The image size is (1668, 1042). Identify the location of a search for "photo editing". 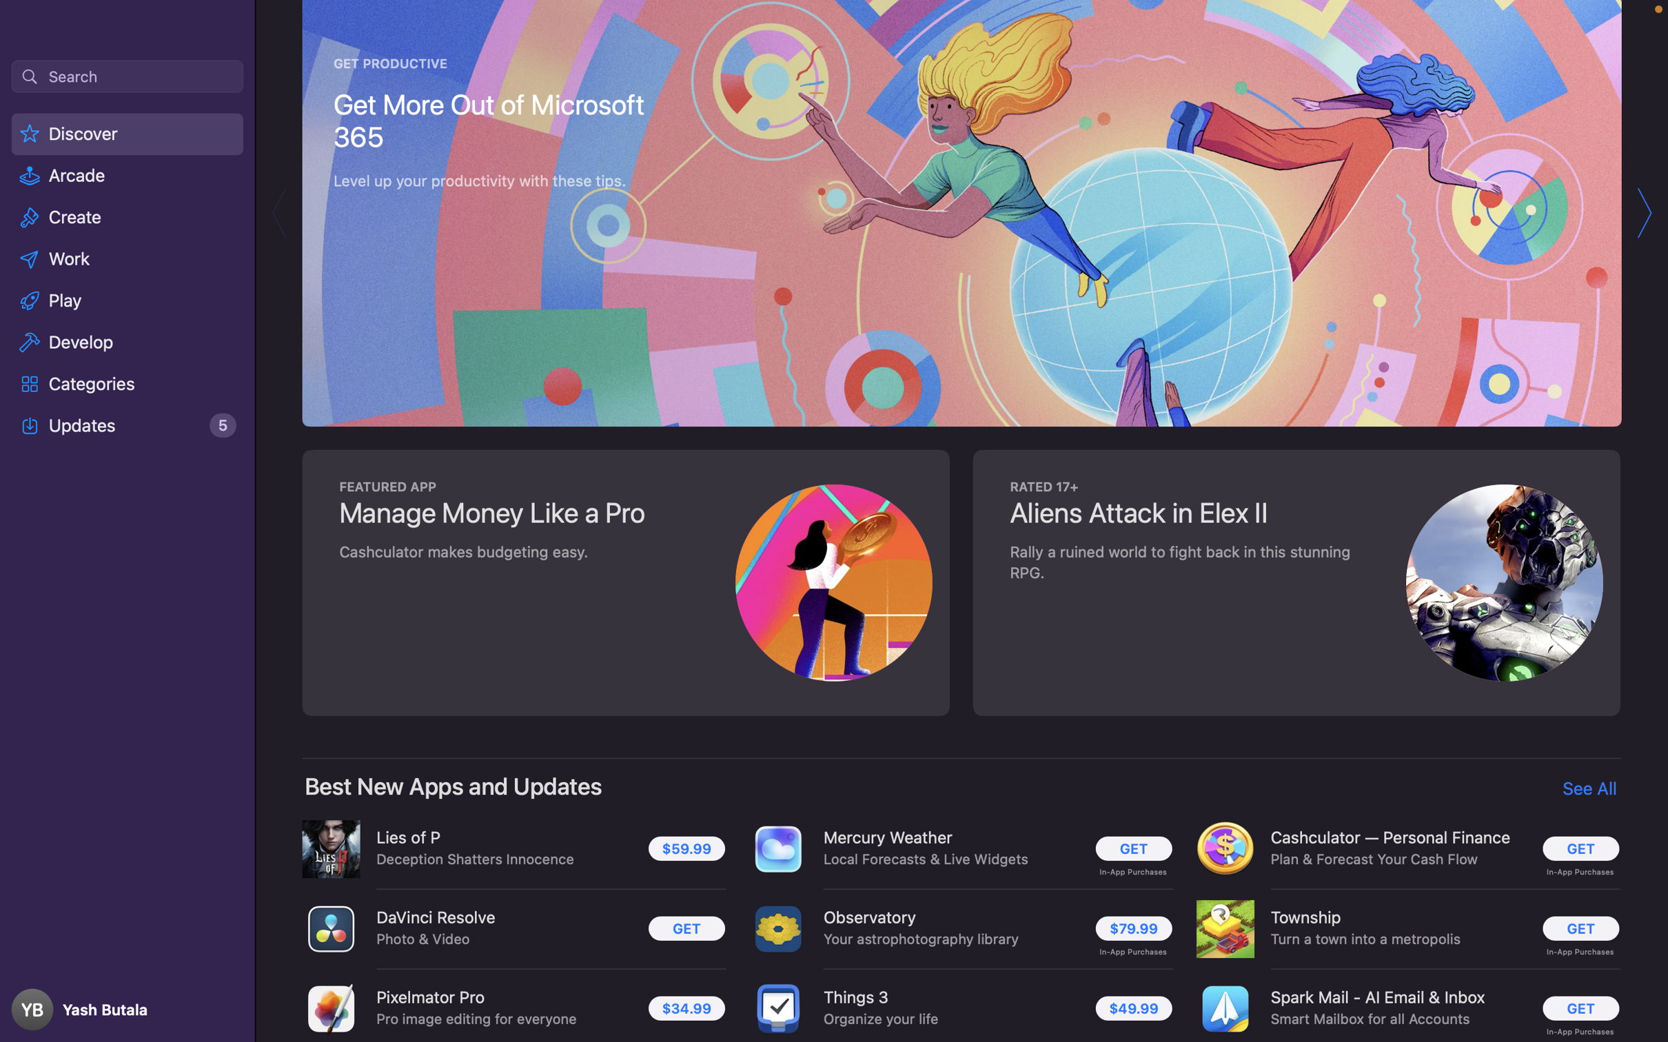
(126, 75).